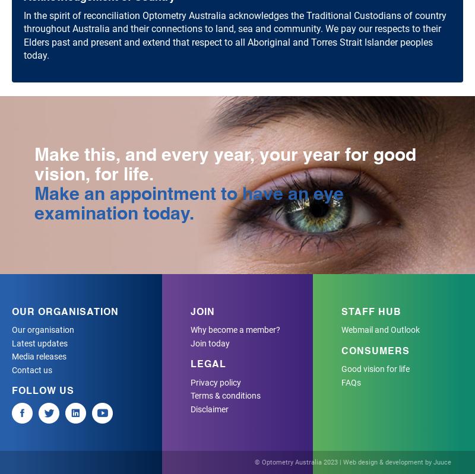 This screenshot has width=475, height=474. Describe the element at coordinates (43, 390) in the screenshot. I see `'Follow Us'` at that location.